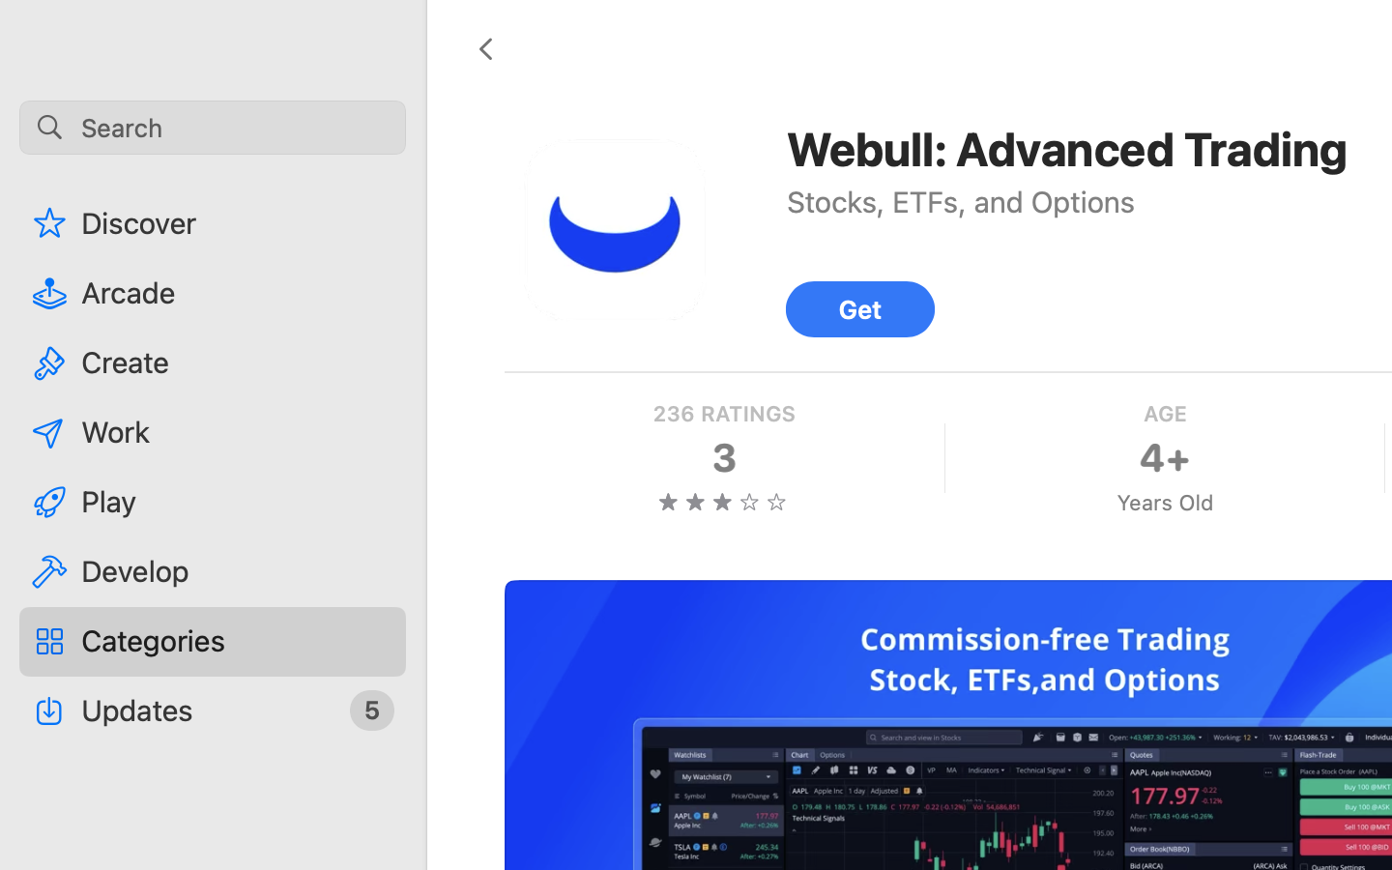  What do you see at coordinates (722, 457) in the screenshot?
I see `'three stars, 236 RATINGS, 3'` at bounding box center [722, 457].